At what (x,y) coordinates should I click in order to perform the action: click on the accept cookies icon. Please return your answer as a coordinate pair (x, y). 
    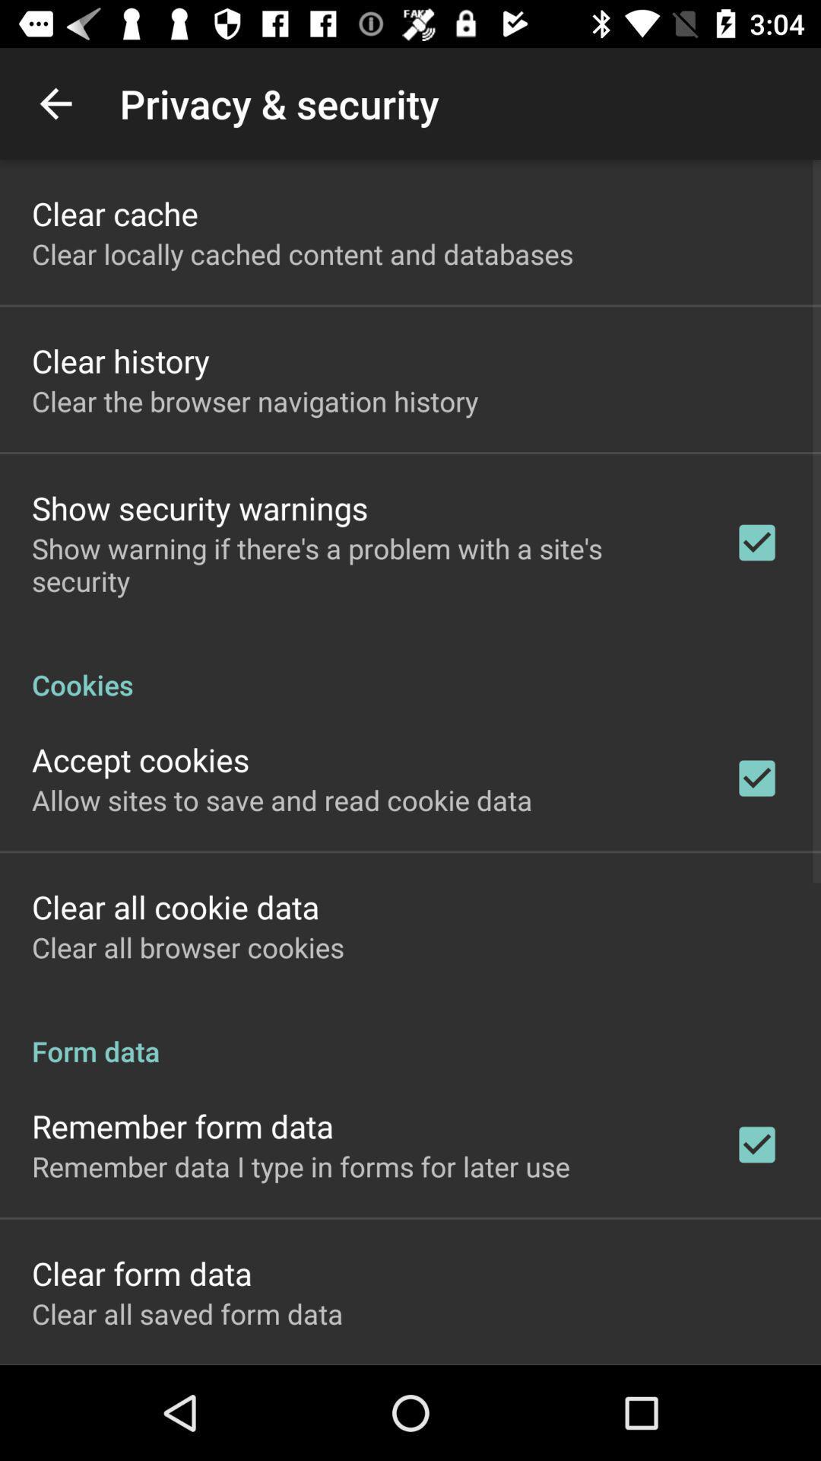
    Looking at the image, I should click on (141, 759).